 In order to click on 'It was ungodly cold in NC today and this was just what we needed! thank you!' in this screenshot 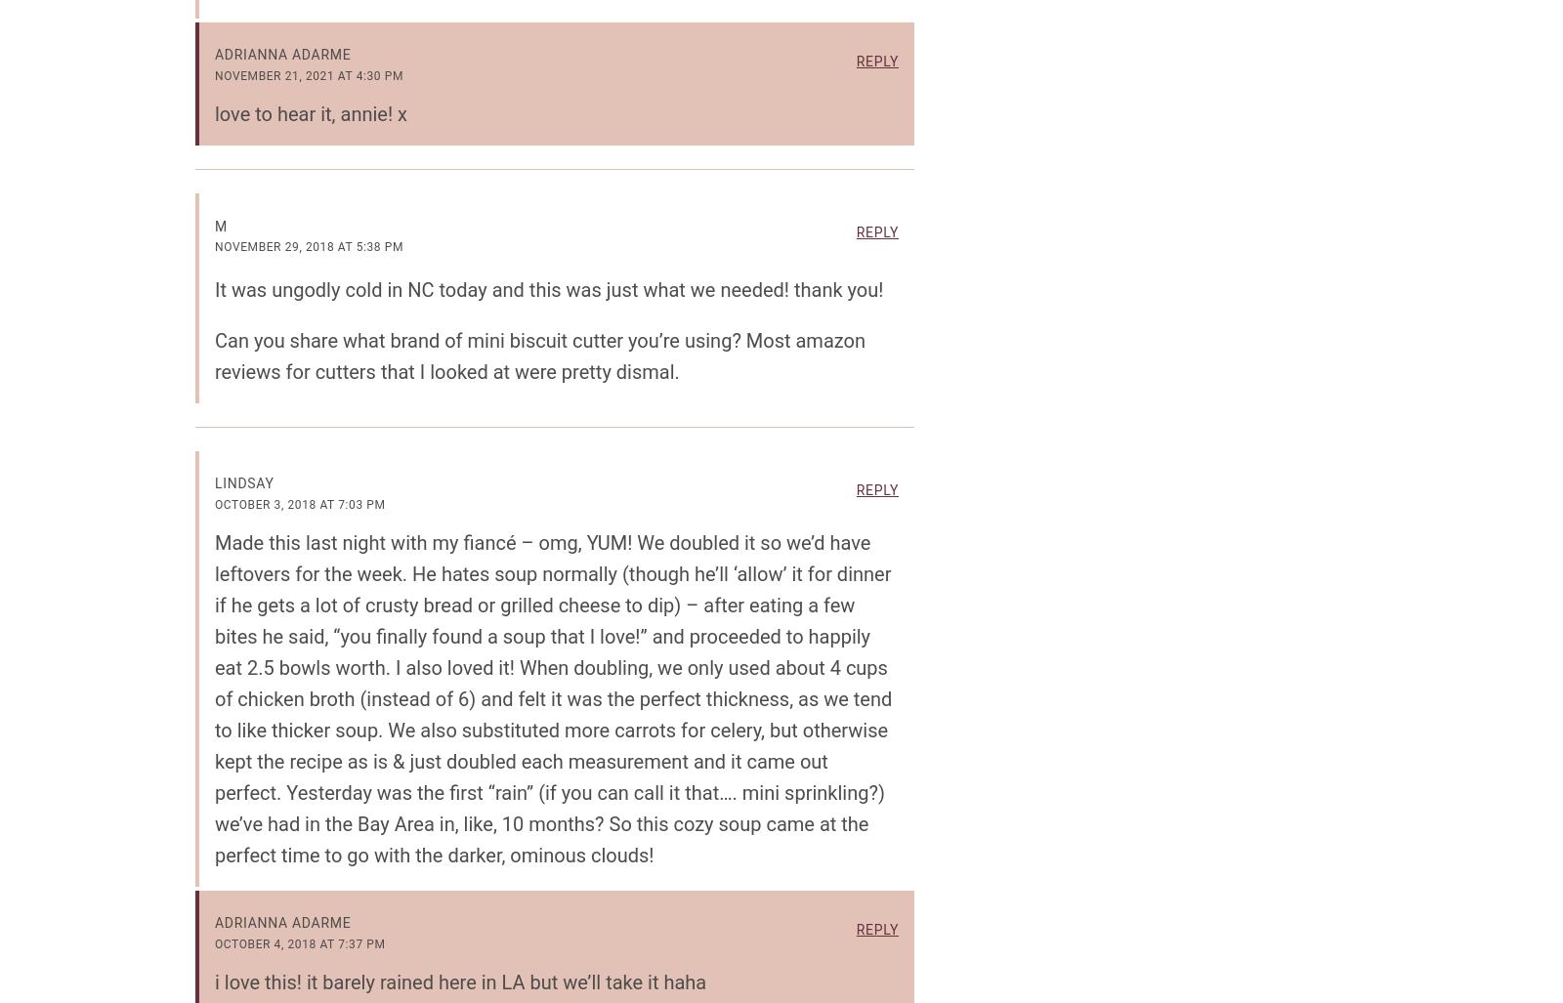, I will do `click(547, 287)`.